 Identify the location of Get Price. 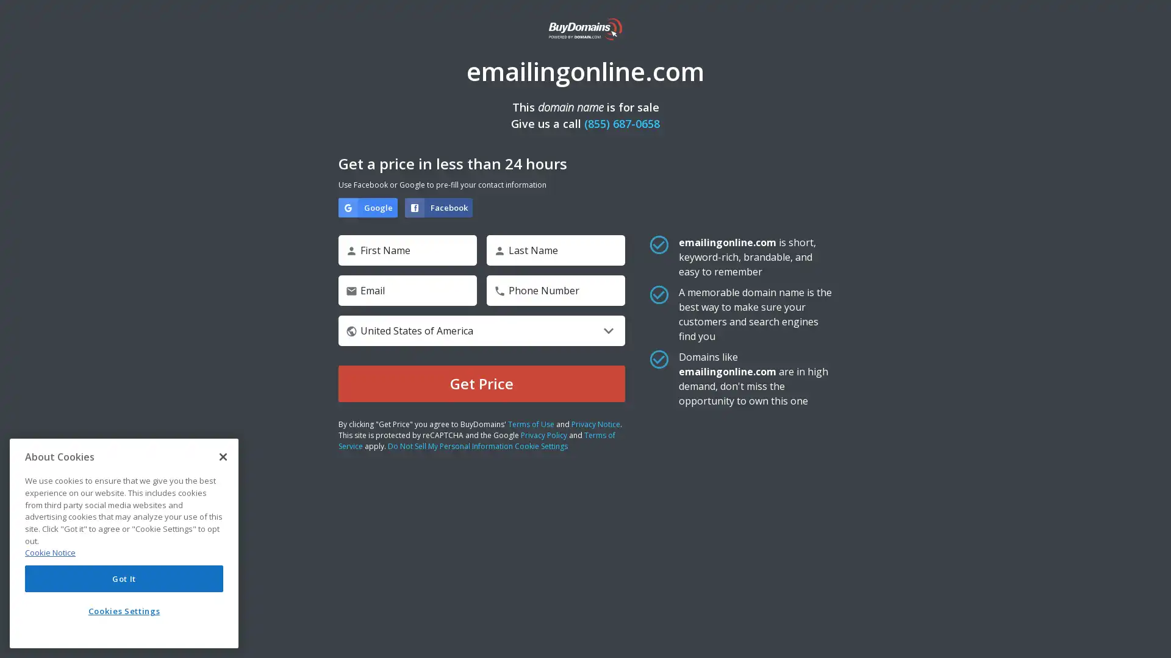
(481, 383).